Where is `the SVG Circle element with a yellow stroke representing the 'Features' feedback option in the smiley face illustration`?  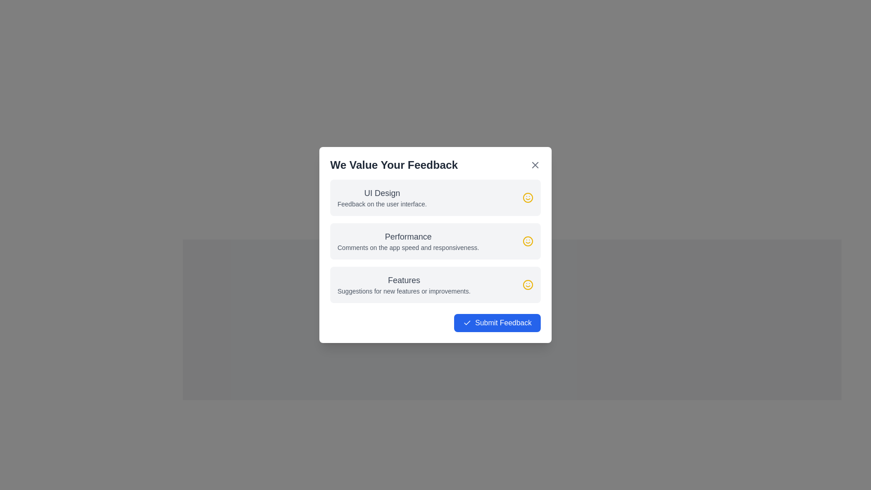
the SVG Circle element with a yellow stroke representing the 'Features' feedback option in the smiley face illustration is located at coordinates (528, 284).